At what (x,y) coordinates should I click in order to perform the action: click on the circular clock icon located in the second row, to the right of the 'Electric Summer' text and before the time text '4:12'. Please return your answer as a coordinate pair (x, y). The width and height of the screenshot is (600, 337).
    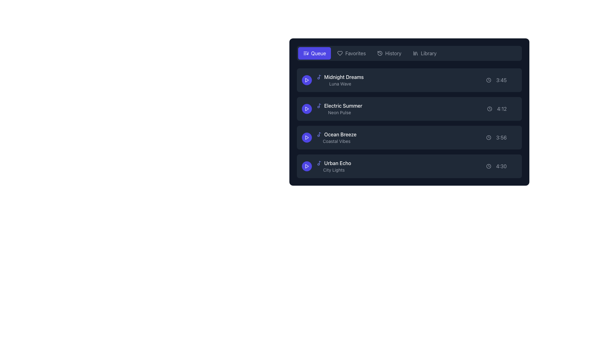
    Looking at the image, I should click on (489, 108).